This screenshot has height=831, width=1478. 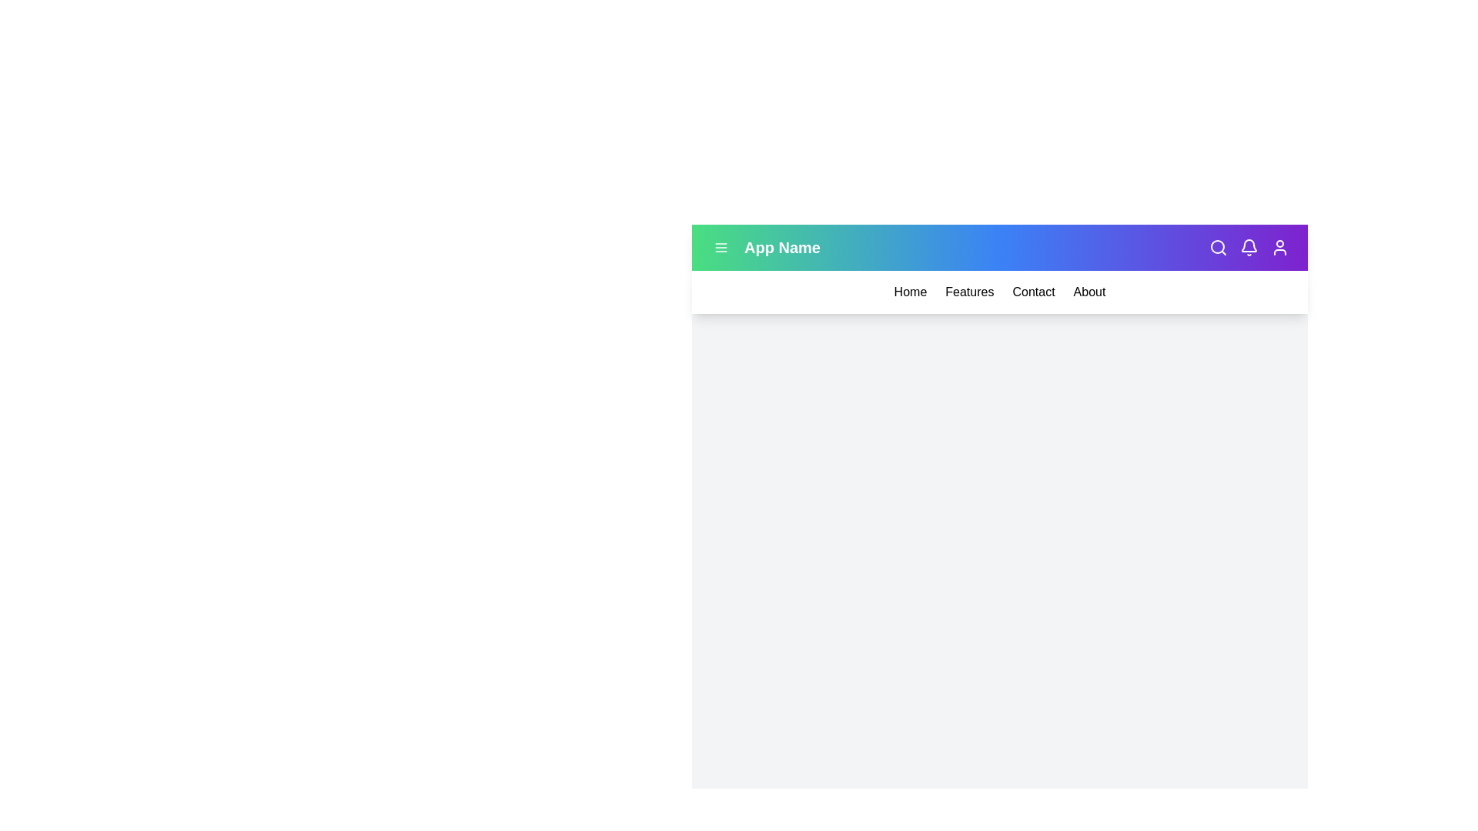 What do you see at coordinates (1088, 292) in the screenshot?
I see `the 'About' link in the navigation bar` at bounding box center [1088, 292].